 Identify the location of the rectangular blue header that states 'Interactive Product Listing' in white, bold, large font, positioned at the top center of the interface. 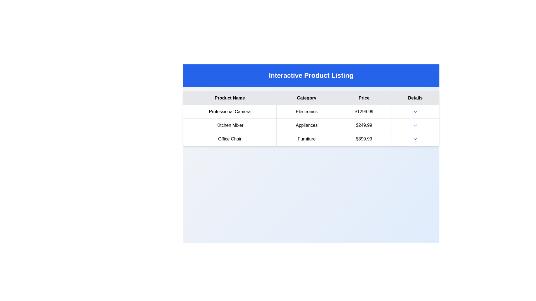
(311, 75).